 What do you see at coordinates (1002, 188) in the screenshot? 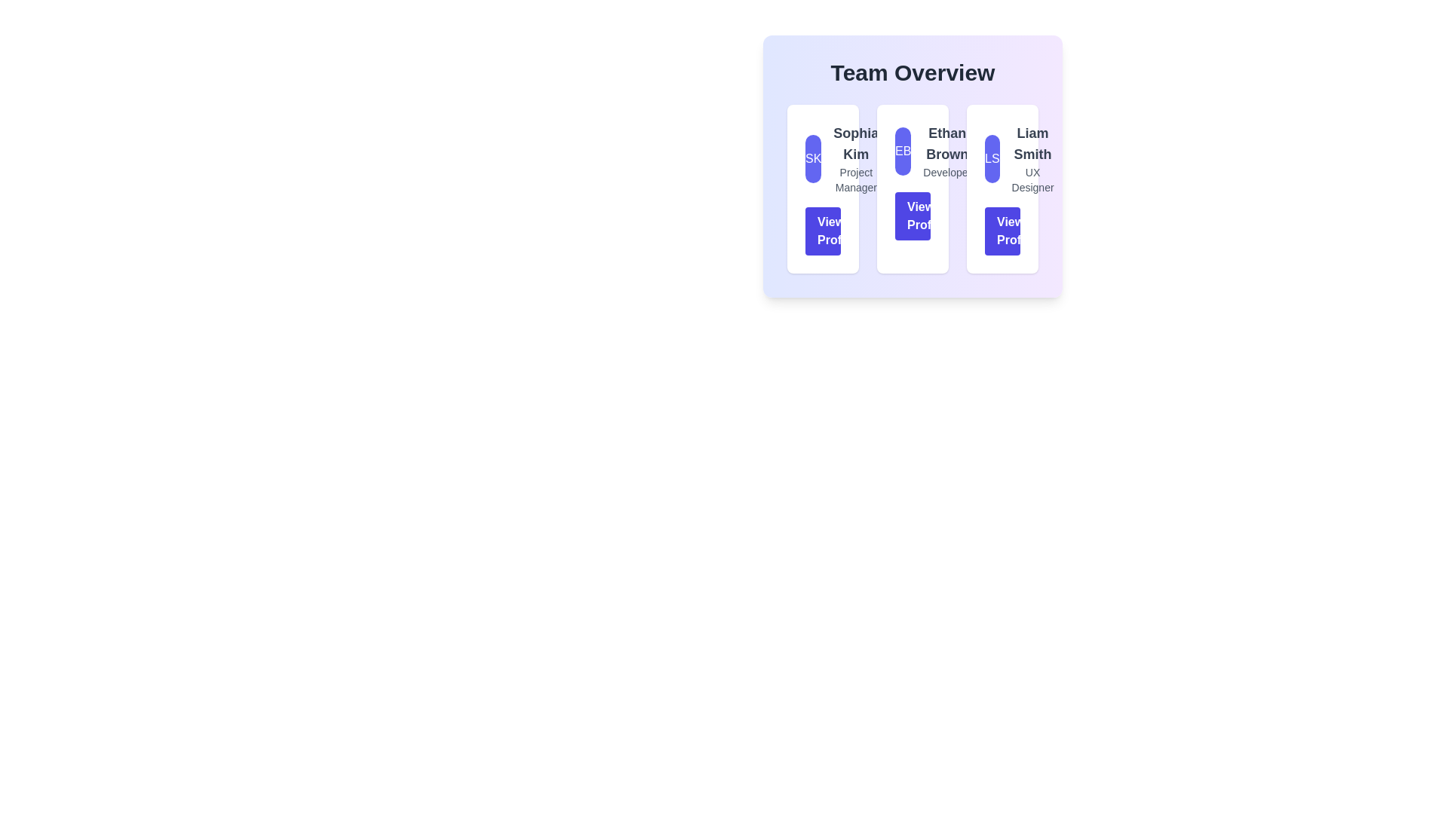
I see `the 'View Profile' button located on Liam Smith's Profile Card, which is the third card in a row of three within the grid layout, positioned below the 'Team Overview' section header` at bounding box center [1002, 188].